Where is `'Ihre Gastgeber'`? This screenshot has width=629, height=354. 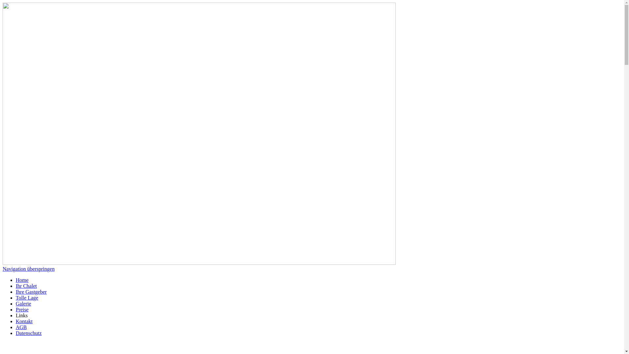 'Ihre Gastgeber' is located at coordinates (16, 291).